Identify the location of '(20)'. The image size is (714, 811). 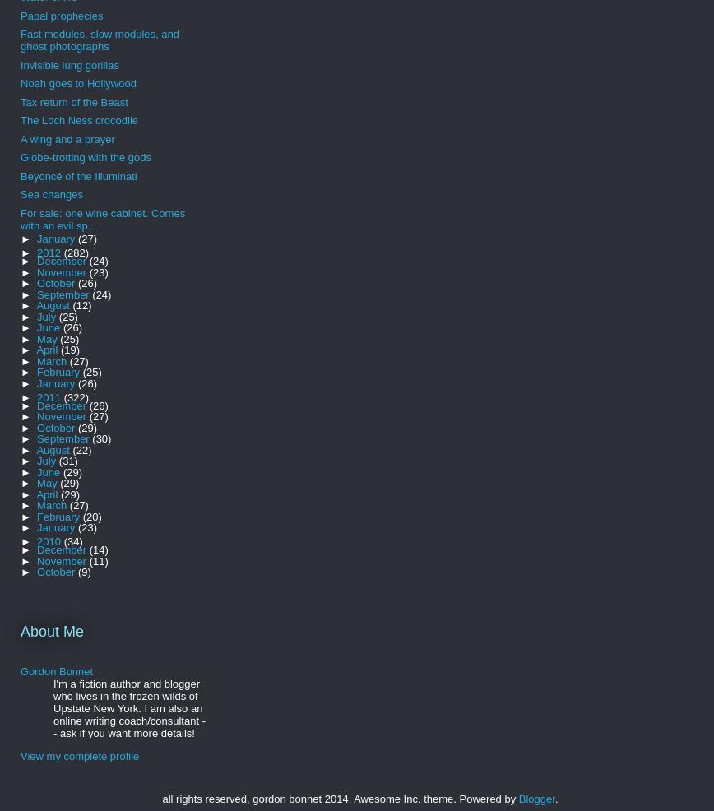
(81, 516).